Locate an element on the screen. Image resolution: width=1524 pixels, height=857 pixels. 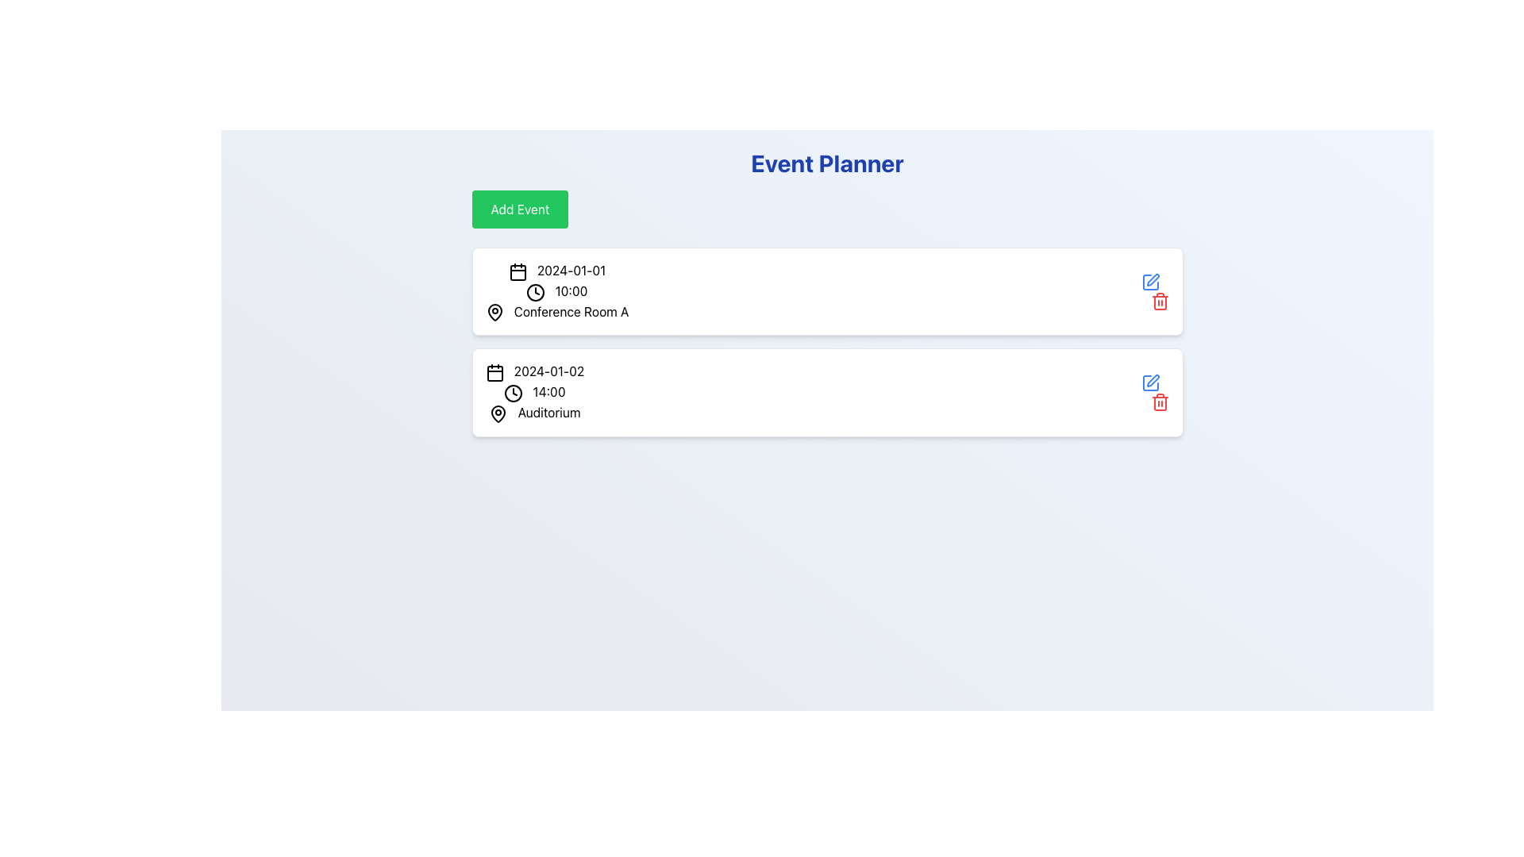
the circular part of the clock icon, which is the central graphic element of the clock and is aligned inline with the time '10:00' in the first event block is located at coordinates (536, 292).